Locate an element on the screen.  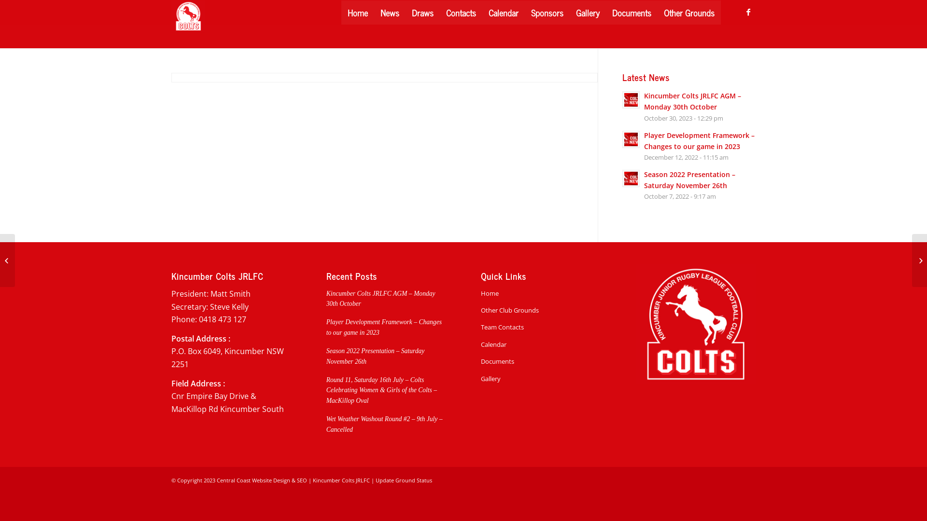
'0418 473 127' is located at coordinates (198, 319).